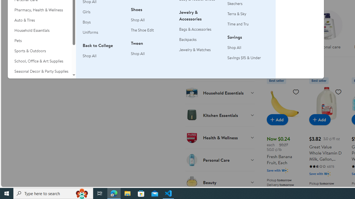 The height and width of the screenshot is (199, 355). I want to click on 'Sports & Outdoors', so click(39, 51).